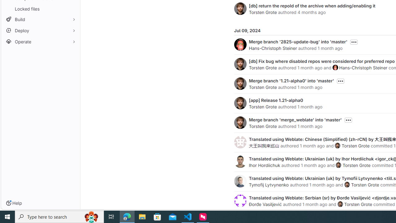 The width and height of the screenshot is (396, 223). What do you see at coordinates (40, 19) in the screenshot?
I see `'Build'` at bounding box center [40, 19].